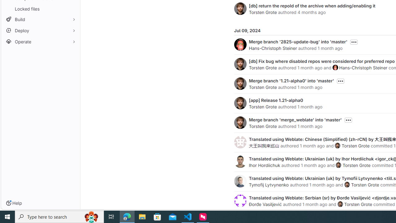 The width and height of the screenshot is (396, 223). What do you see at coordinates (40, 19) in the screenshot?
I see `'Build'` at bounding box center [40, 19].